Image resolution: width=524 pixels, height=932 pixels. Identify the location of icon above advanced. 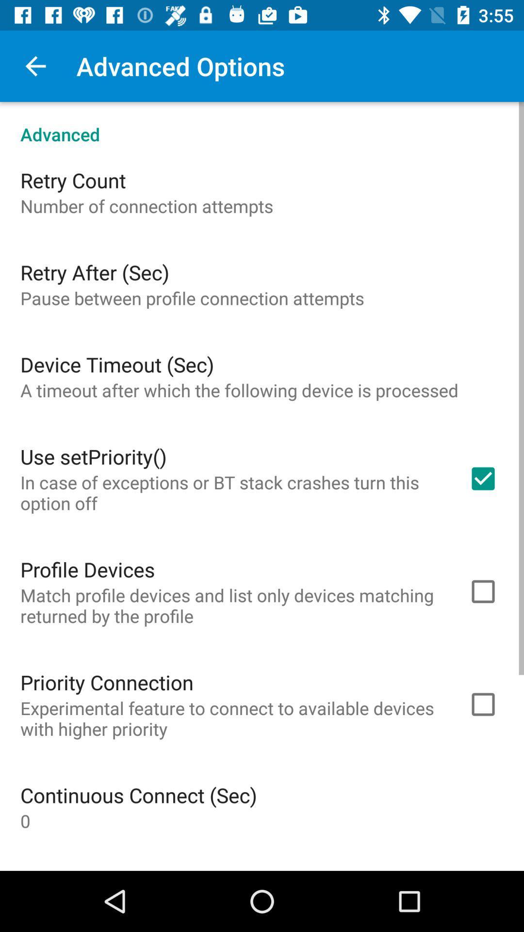
(35, 66).